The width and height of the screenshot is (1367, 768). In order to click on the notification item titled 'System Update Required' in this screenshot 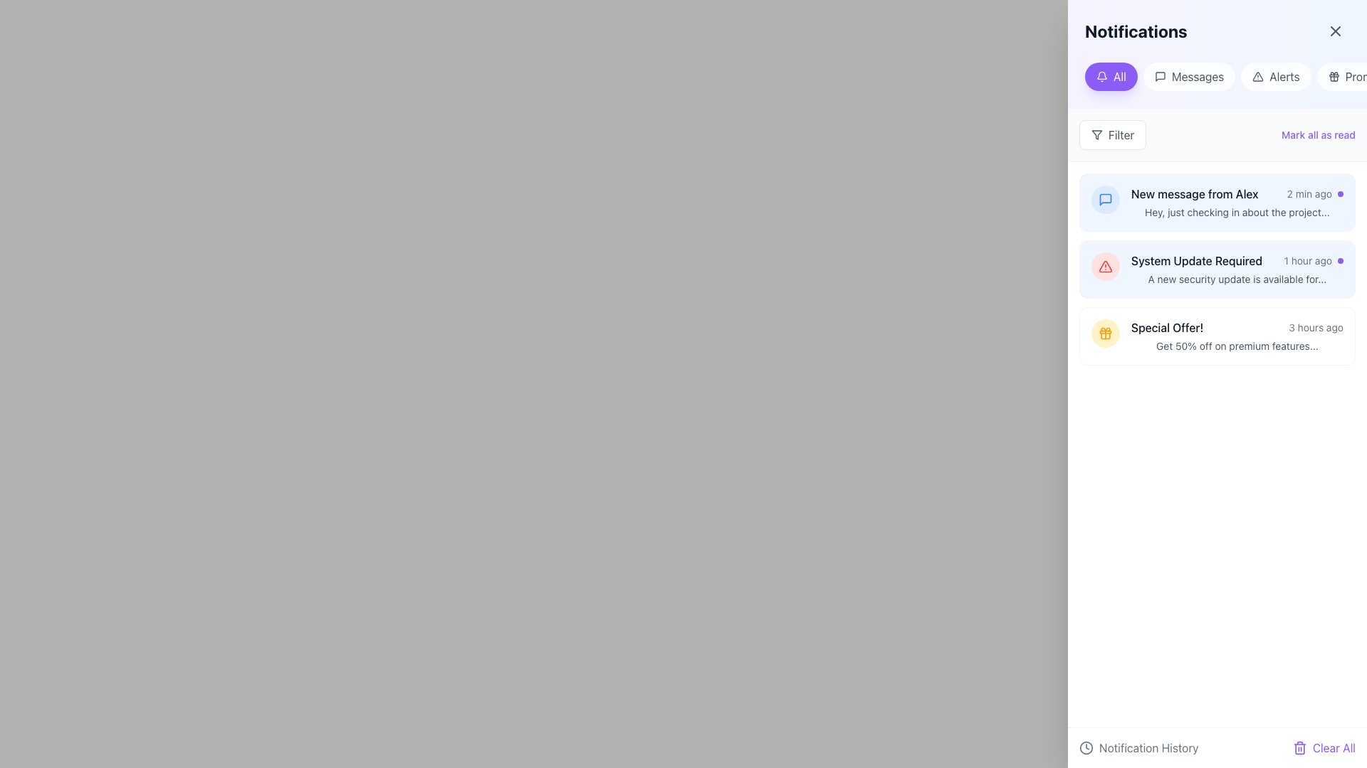, I will do `click(1236, 269)`.